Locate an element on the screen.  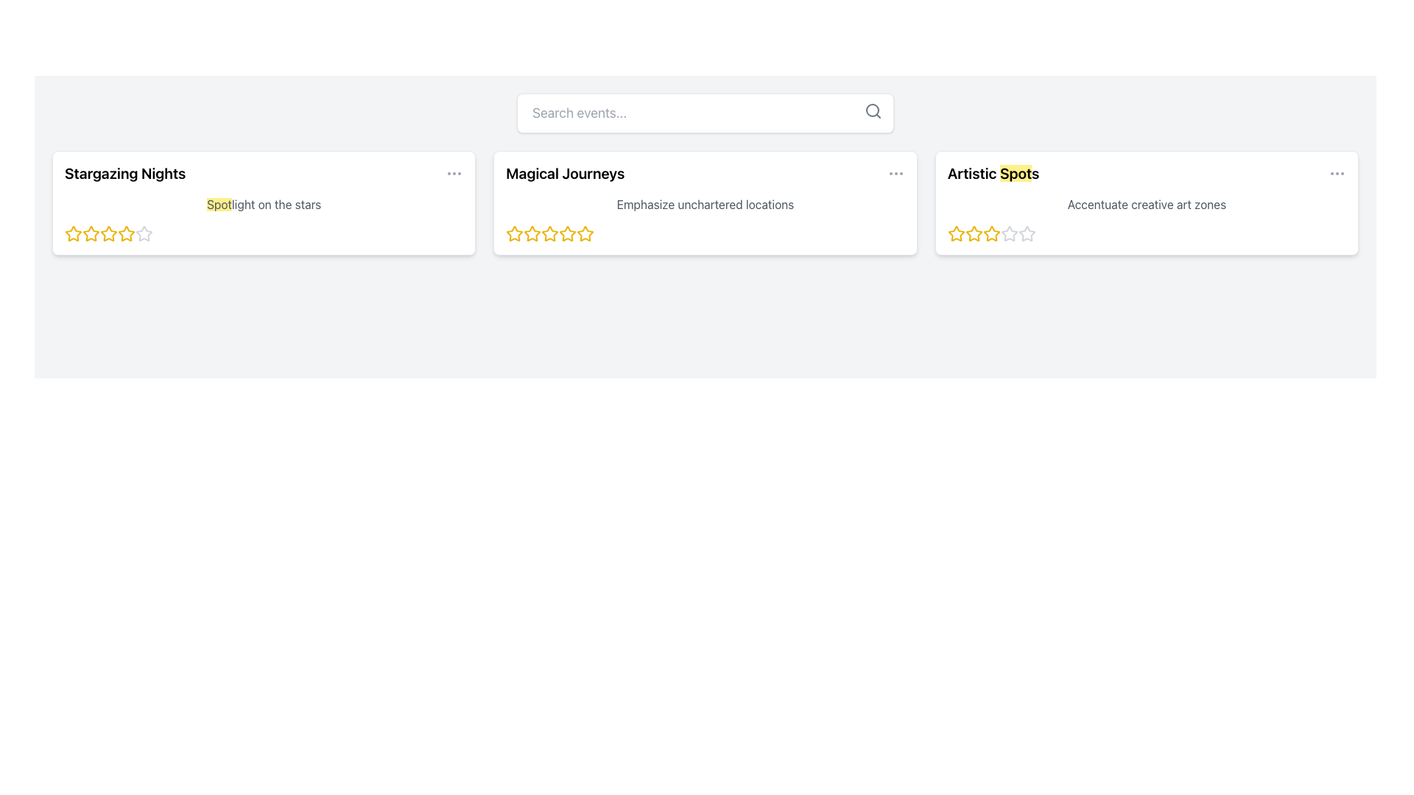
the highlighted star in the rating bar located below the text 'Accentuate creative art zones' within the 'Artistic Spots' card is located at coordinates (1145, 233).